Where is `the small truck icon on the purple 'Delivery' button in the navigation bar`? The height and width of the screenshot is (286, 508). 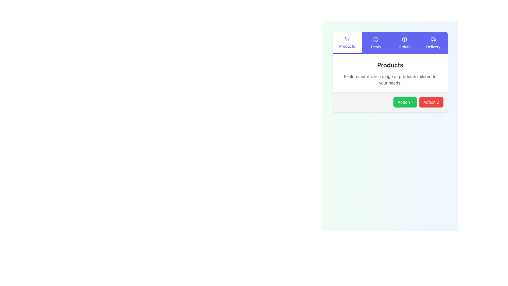 the small truck icon on the purple 'Delivery' button in the navigation bar is located at coordinates (433, 39).